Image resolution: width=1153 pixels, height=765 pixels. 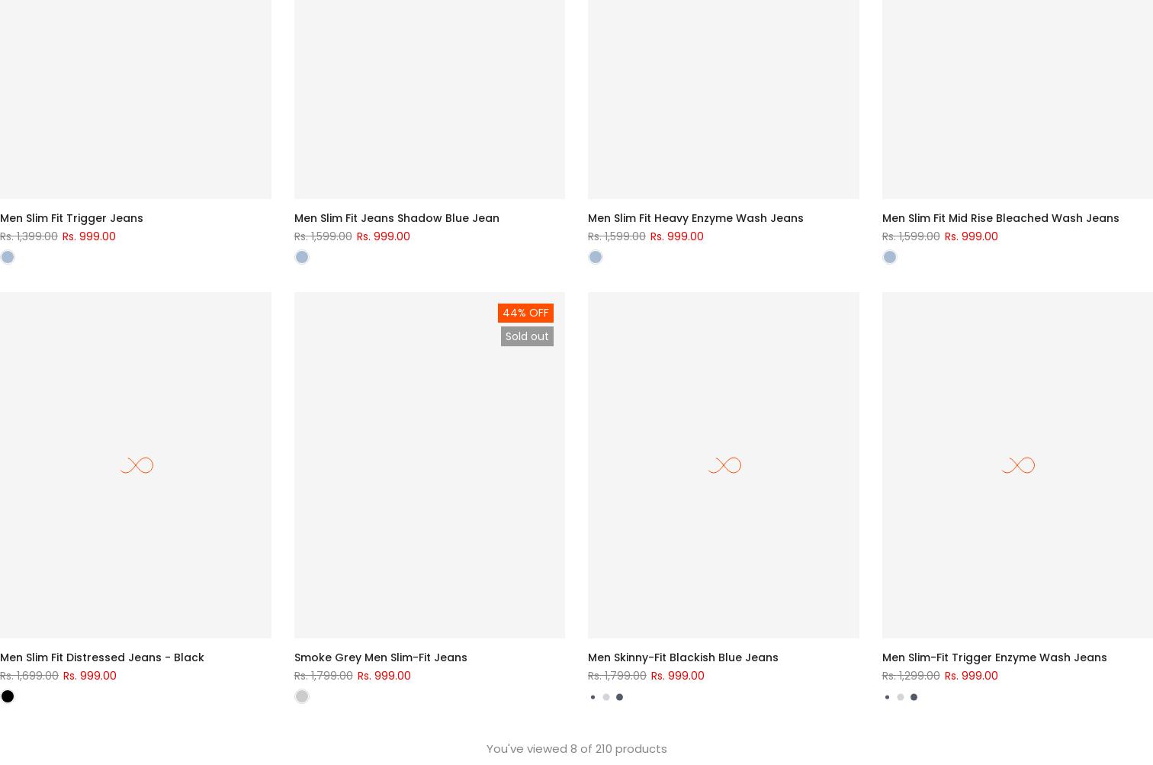 What do you see at coordinates (525, 313) in the screenshot?
I see `'44% OFF'` at bounding box center [525, 313].